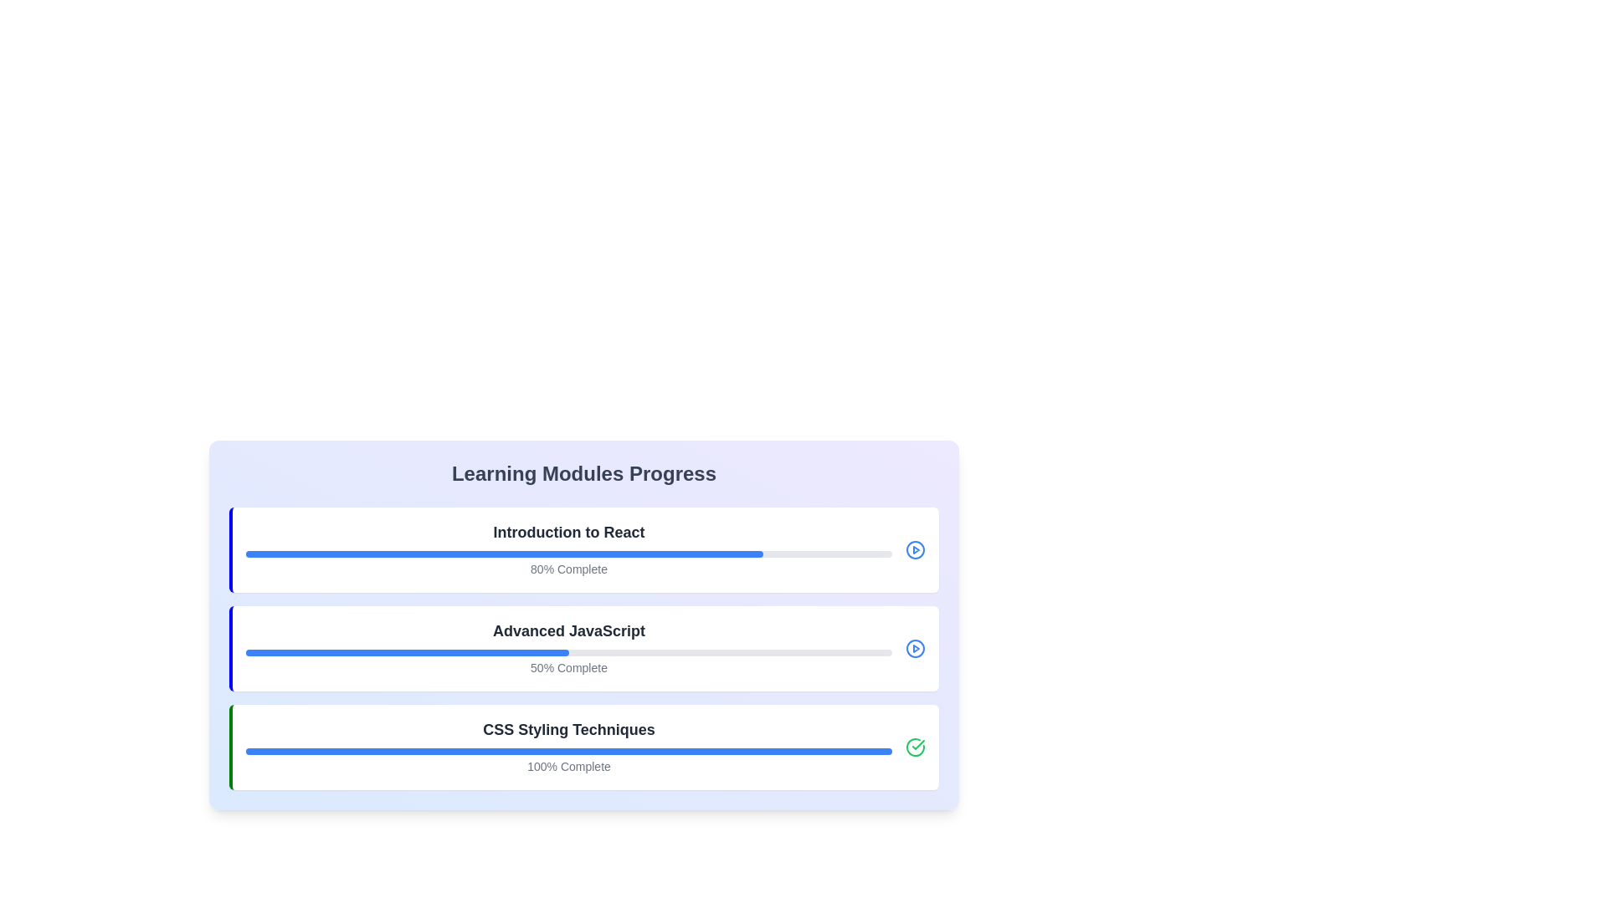 The width and height of the screenshot is (1607, 903). What do you see at coordinates (569, 554) in the screenshot?
I see `the progress bar element that is styled with a gray background and a blue foreground, indicating 80% completion, located below the text 'Introduction to React' and above '80% Complete'` at bounding box center [569, 554].